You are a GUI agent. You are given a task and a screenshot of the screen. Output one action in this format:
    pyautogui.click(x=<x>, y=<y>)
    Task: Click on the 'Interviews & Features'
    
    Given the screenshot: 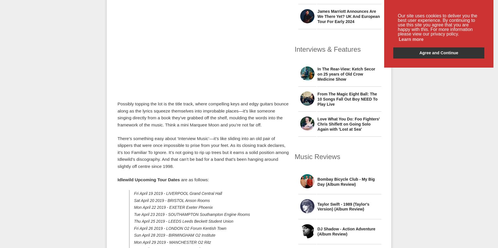 What is the action you would take?
    pyautogui.click(x=327, y=49)
    